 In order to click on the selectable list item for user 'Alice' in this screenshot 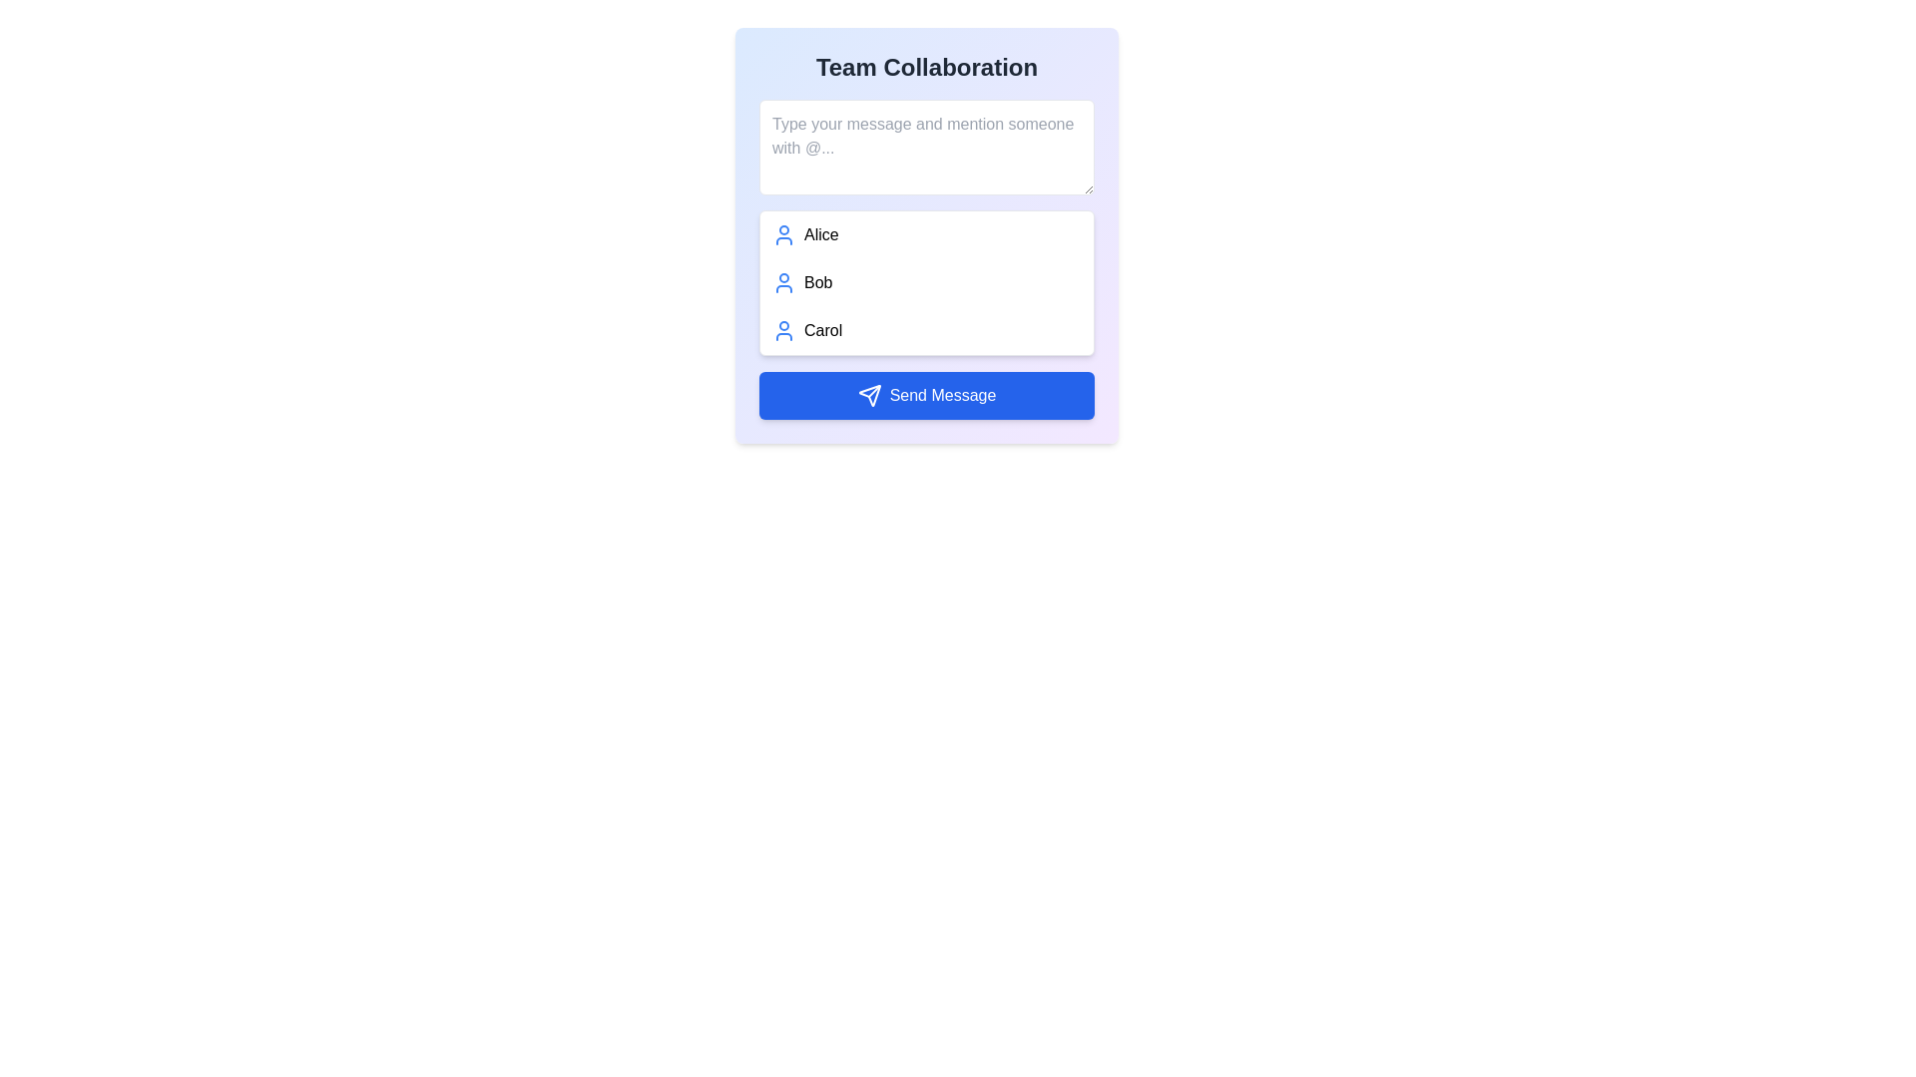, I will do `click(926, 233)`.